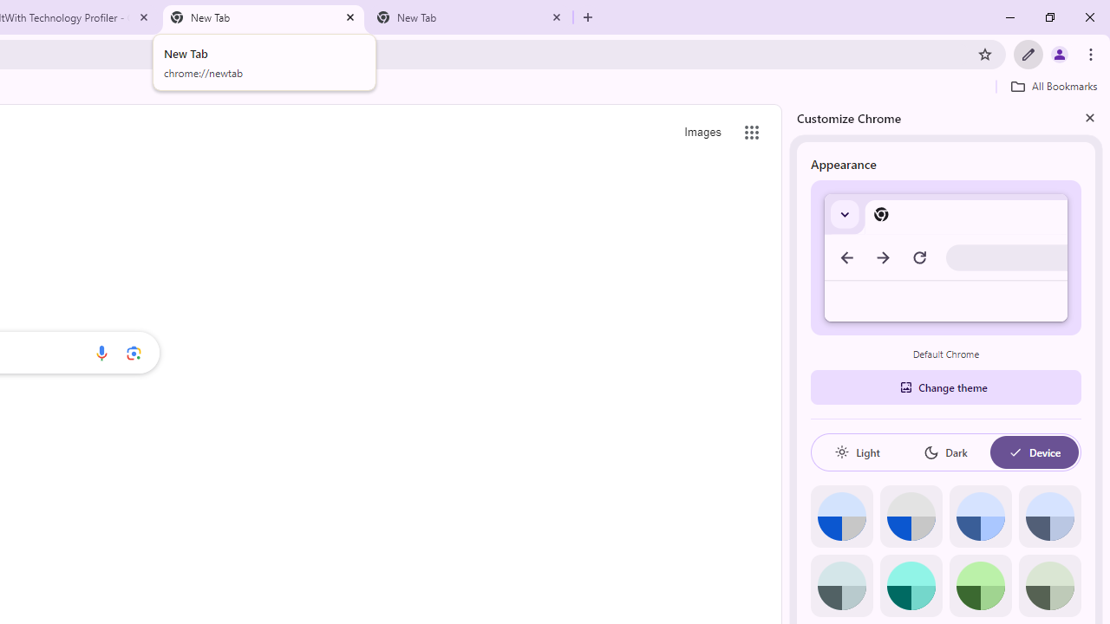 The height and width of the screenshot is (624, 1110). I want to click on 'Change theme', so click(944, 387).